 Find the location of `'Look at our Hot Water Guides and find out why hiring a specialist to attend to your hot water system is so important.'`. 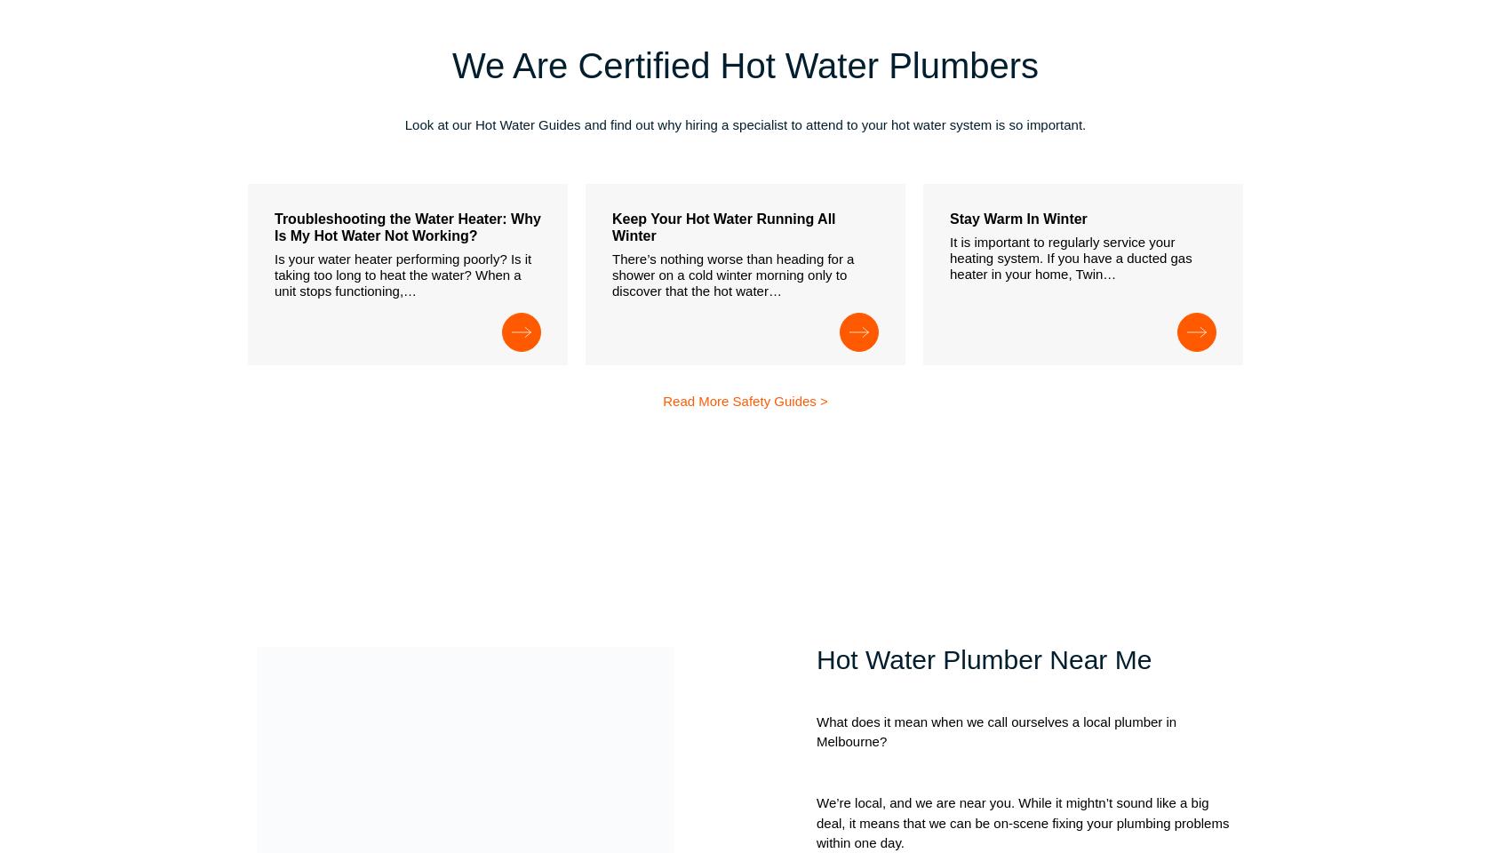

'Look at our Hot Water Guides and find out why hiring a specialist to attend to your hot water system is so important.' is located at coordinates (744, 124).